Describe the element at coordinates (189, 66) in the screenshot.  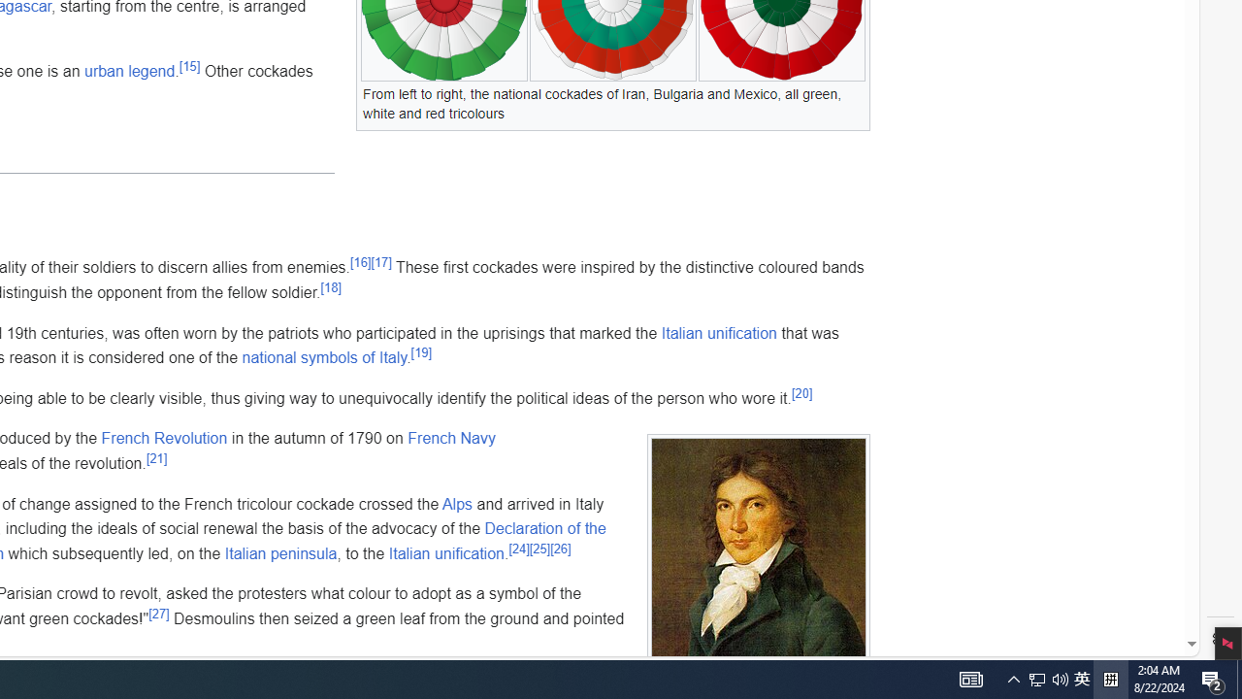
I see `'[15]'` at that location.